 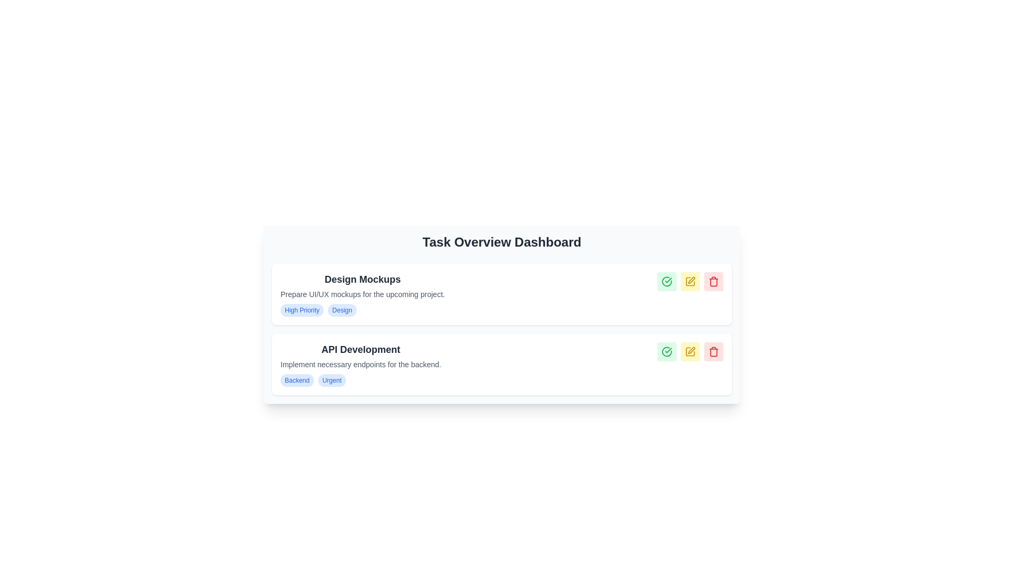 What do you see at coordinates (690, 281) in the screenshot?
I see `the 'Edit' button, which is the second button in a horizontal group of three buttons located in the top-right section of the 'Design Mockups' card` at bounding box center [690, 281].